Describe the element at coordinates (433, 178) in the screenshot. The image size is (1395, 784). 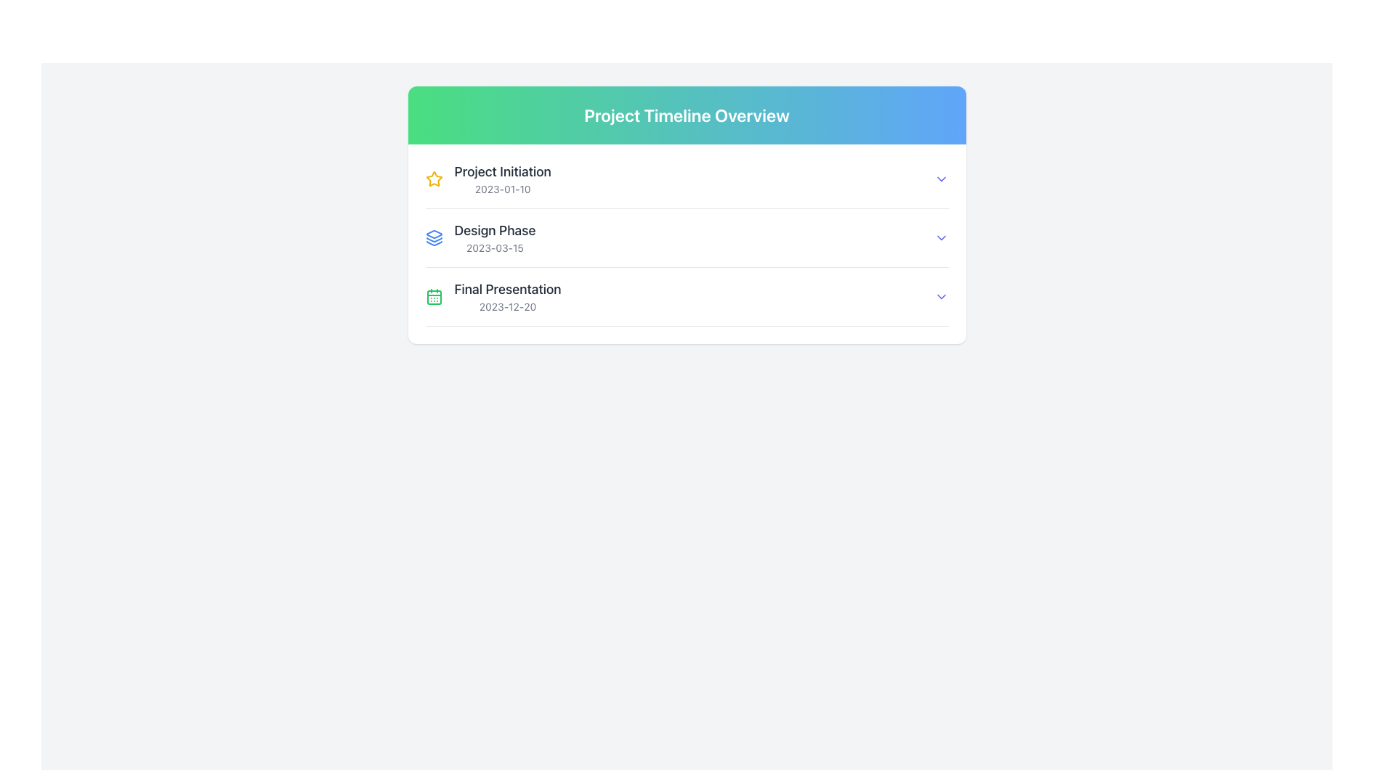
I see `the yellow star-shaped icon representing 'Project Initiation' located at the left of the corresponding row` at that location.